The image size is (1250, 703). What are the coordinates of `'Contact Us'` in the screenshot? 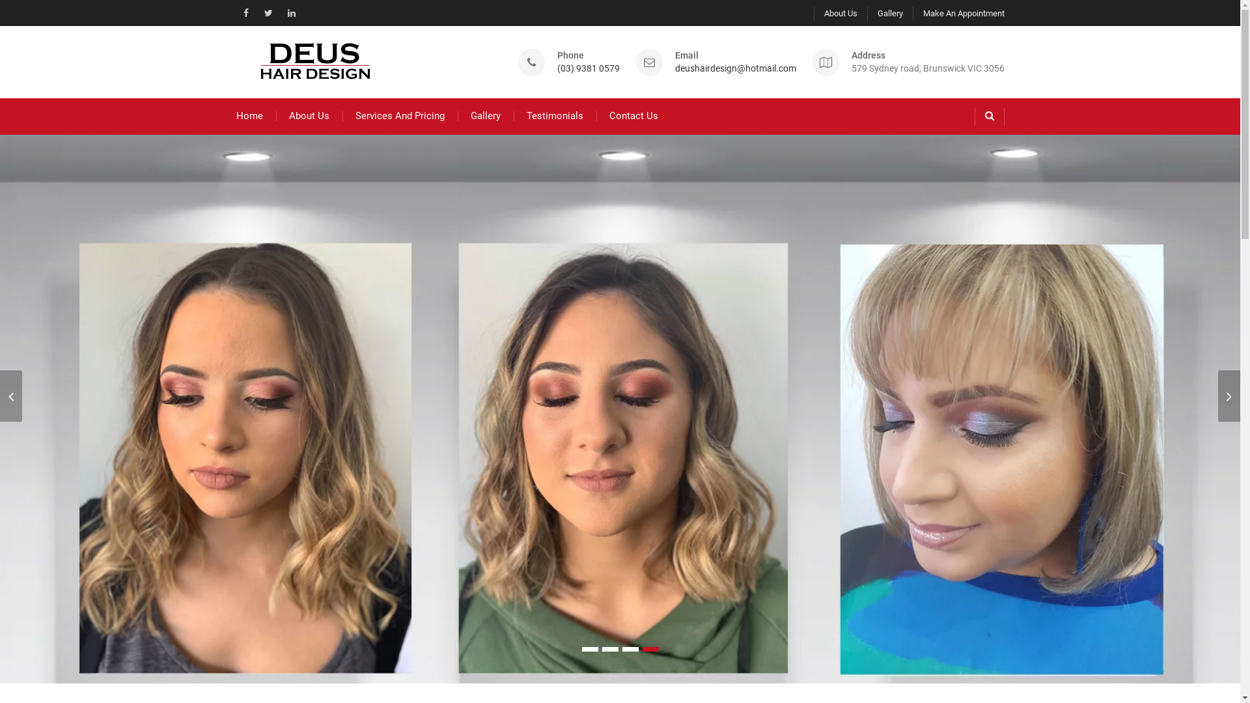 It's located at (633, 115).